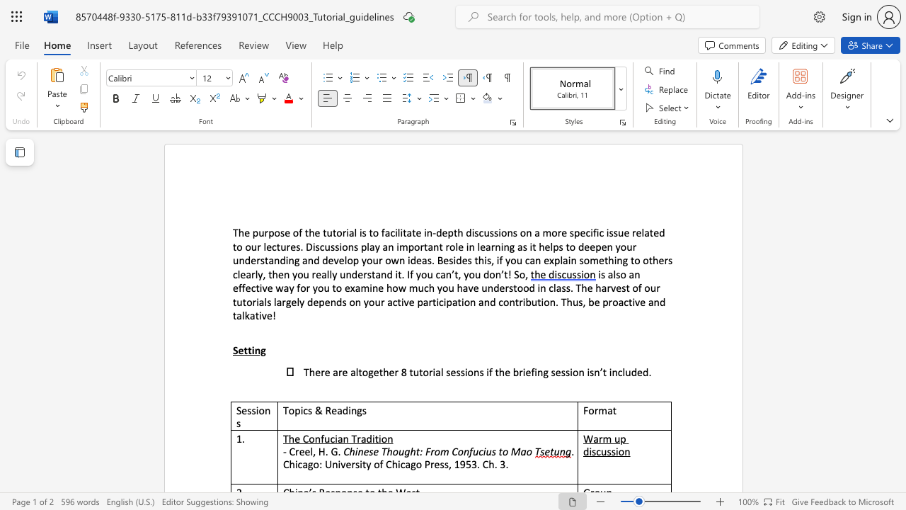 This screenshot has height=510, width=906. What do you see at coordinates (301, 301) in the screenshot?
I see `the 1th character "y" in the text` at bounding box center [301, 301].